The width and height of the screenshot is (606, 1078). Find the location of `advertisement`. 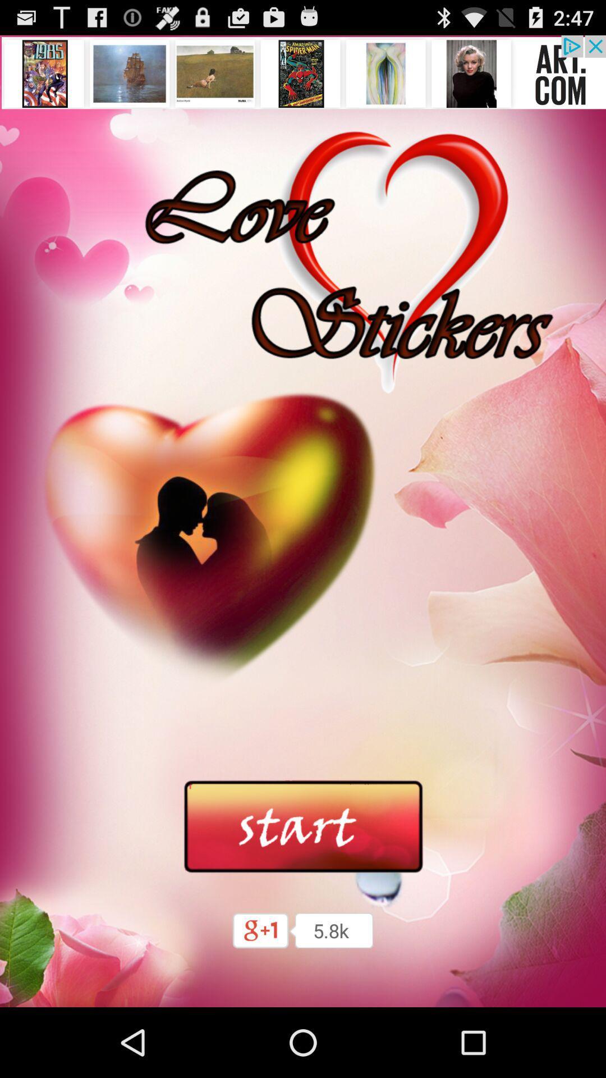

advertisement is located at coordinates (303, 71).